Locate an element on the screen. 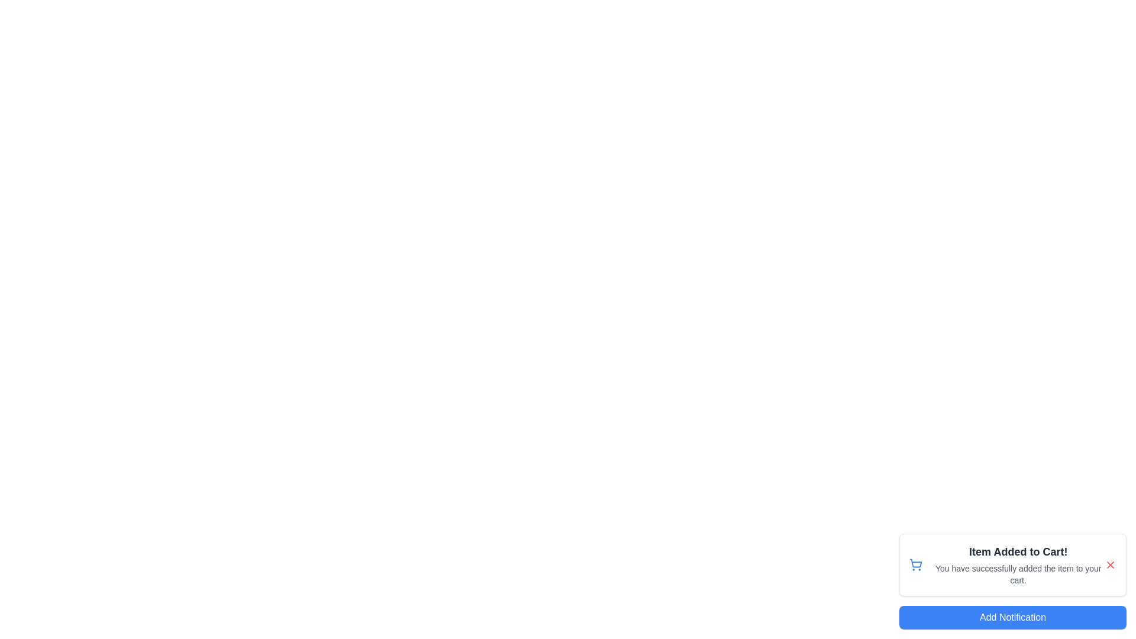 The width and height of the screenshot is (1136, 639). the 'X' icon used for closing or dismissing elements, which is part of an SVG component located at the bottom center of the interface, aligned with a notification box is located at coordinates (1109, 564).